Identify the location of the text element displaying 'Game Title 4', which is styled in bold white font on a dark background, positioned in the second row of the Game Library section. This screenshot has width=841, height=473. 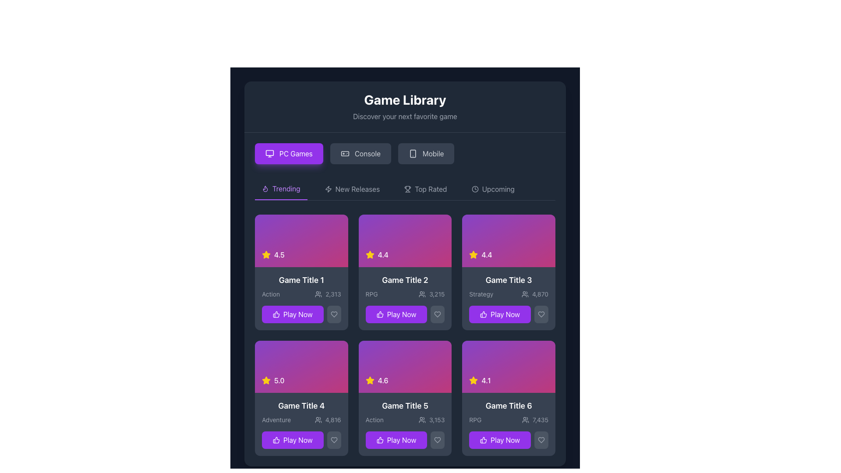
(301, 406).